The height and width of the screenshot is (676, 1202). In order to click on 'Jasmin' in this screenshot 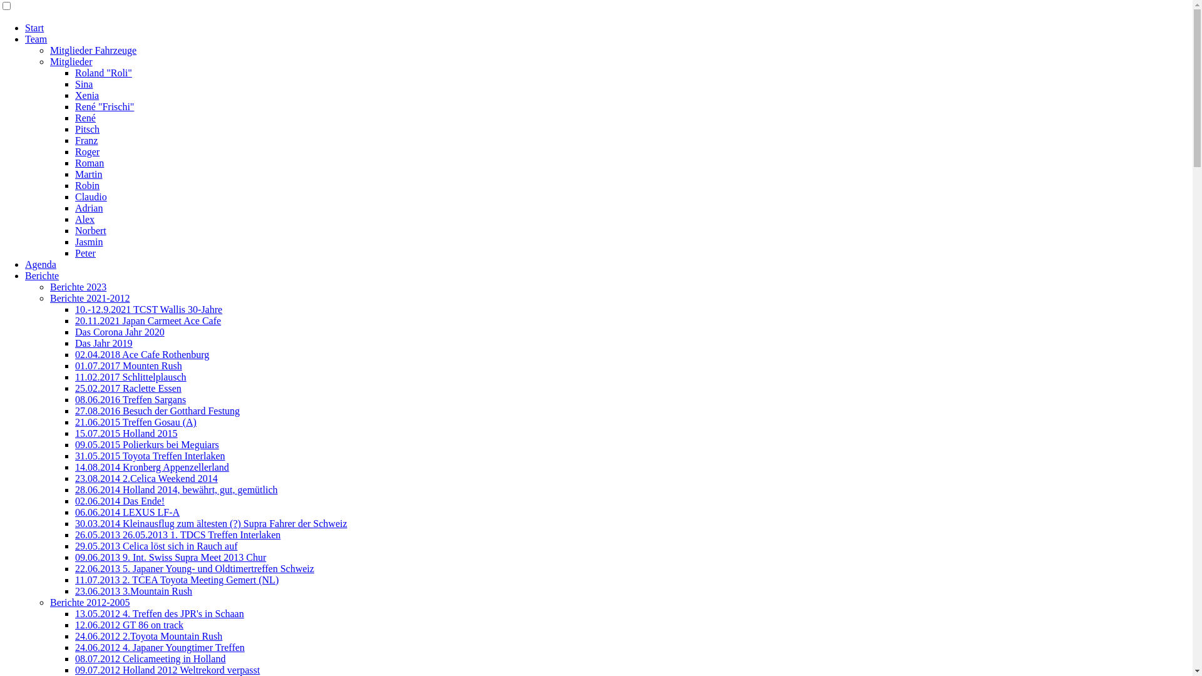, I will do `click(88, 242)`.